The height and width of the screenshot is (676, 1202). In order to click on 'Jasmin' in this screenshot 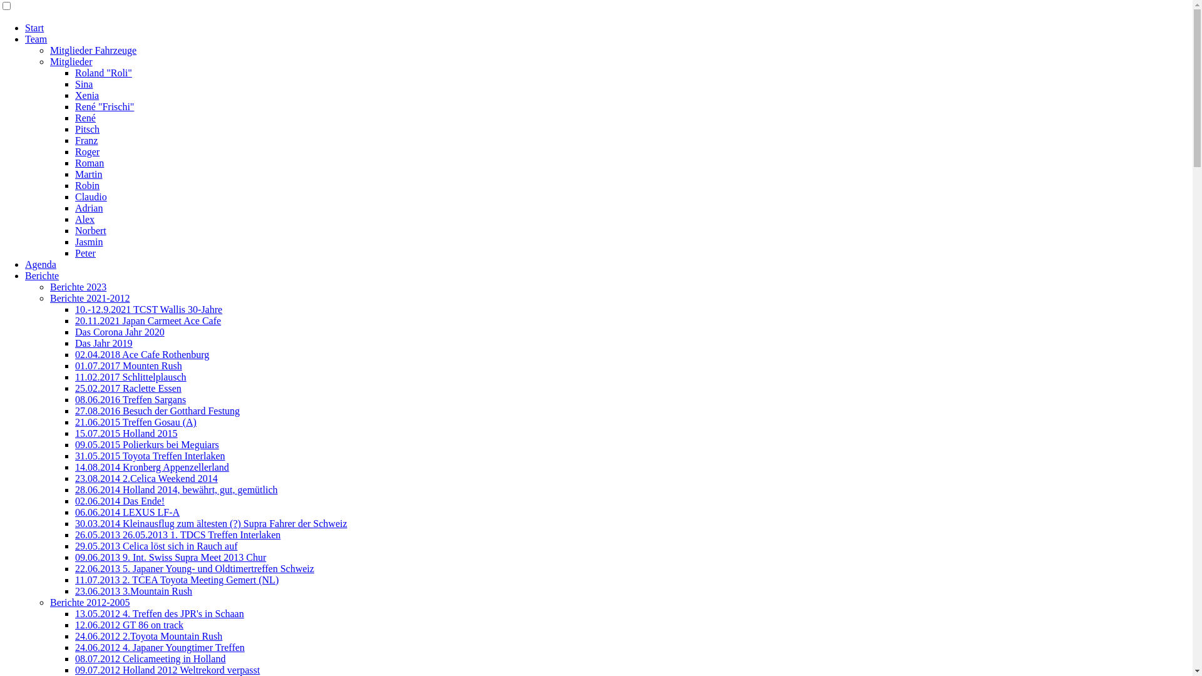, I will do `click(88, 242)`.